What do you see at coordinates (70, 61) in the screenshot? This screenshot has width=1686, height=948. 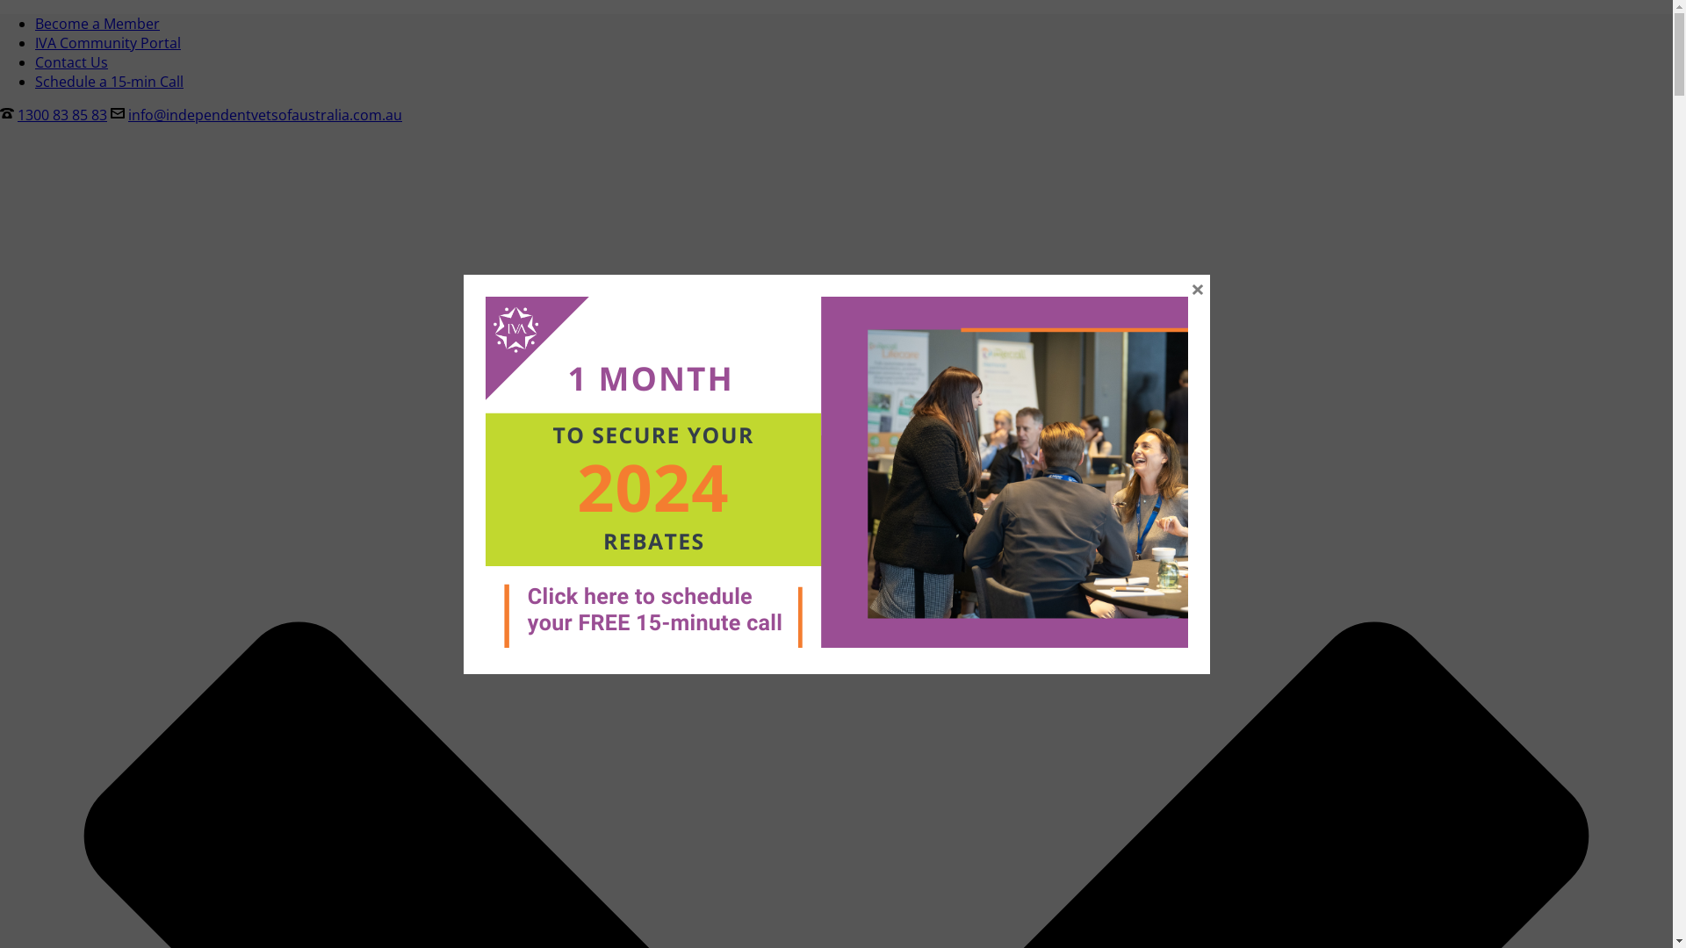 I see `'Contact Us'` at bounding box center [70, 61].